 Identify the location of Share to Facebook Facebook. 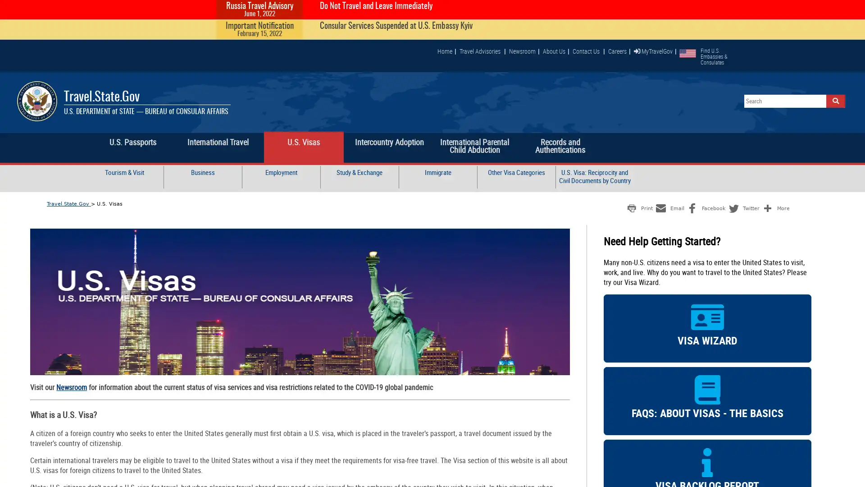
(705, 208).